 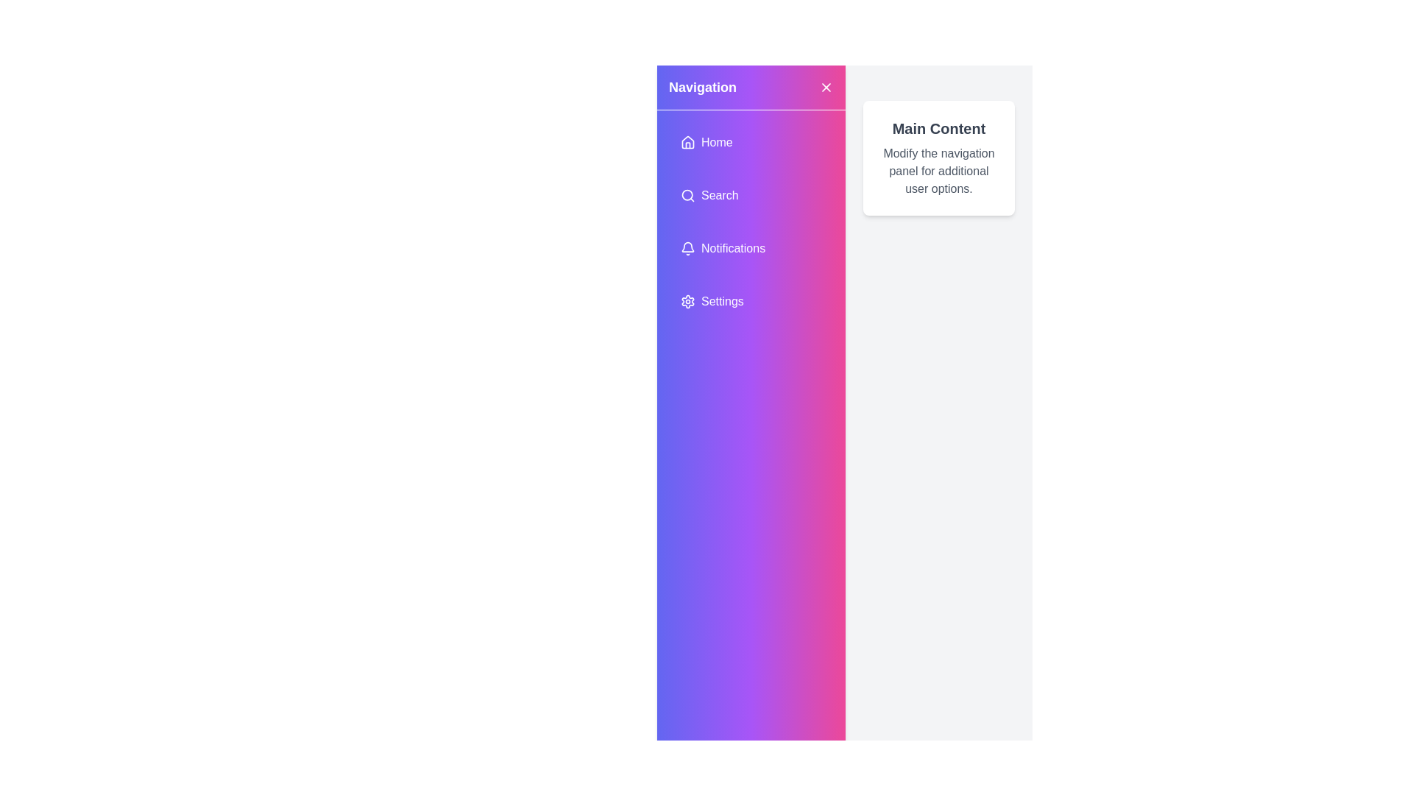 I want to click on the gear icon representing settings, which is located to the left of the 'Settings' label in the vertical navigation menu with a purple background, so click(x=687, y=300).